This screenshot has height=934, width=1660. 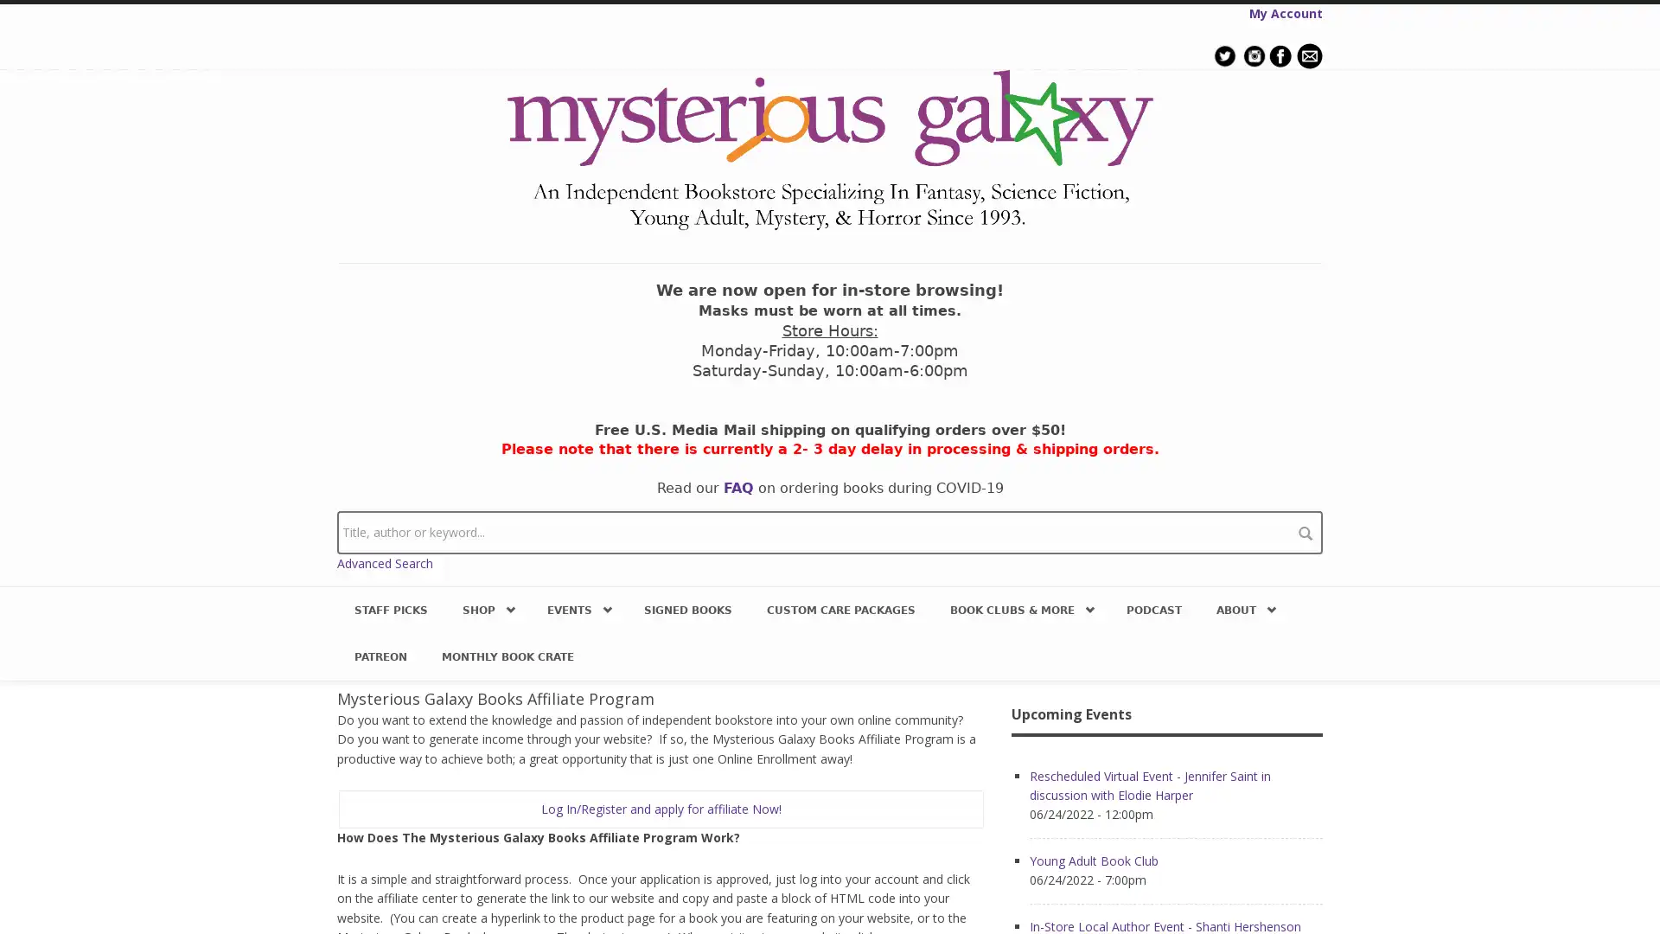 I want to click on search, so click(x=1306, y=532).